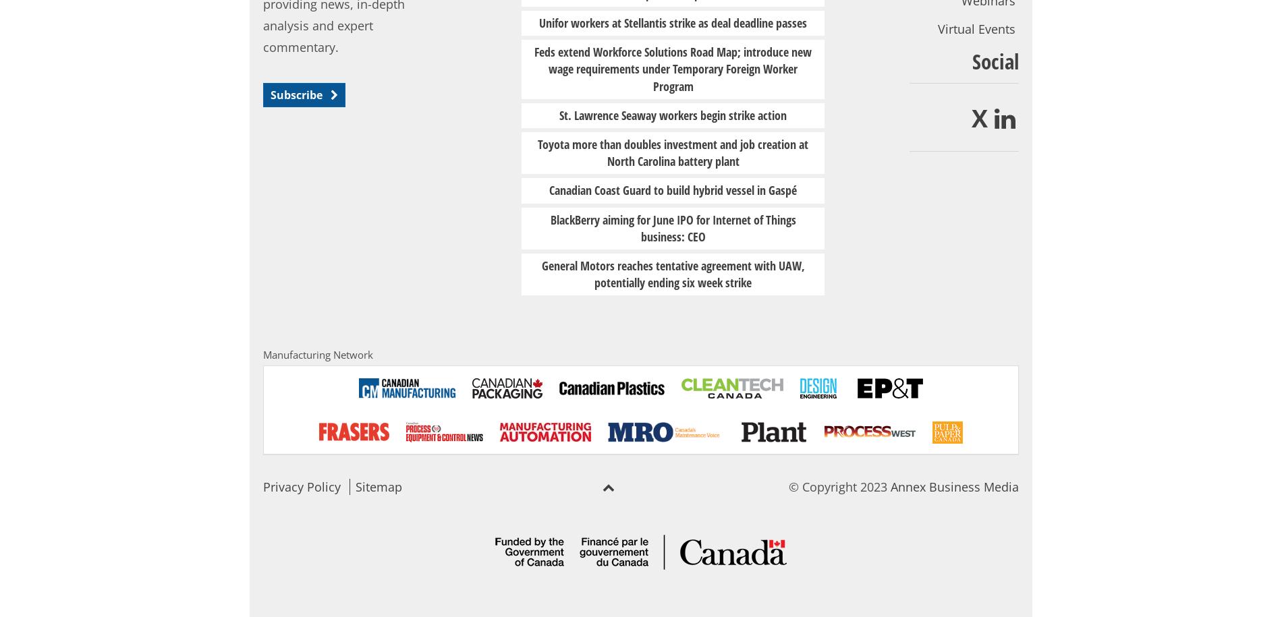  I want to click on 'Social', so click(995, 60).